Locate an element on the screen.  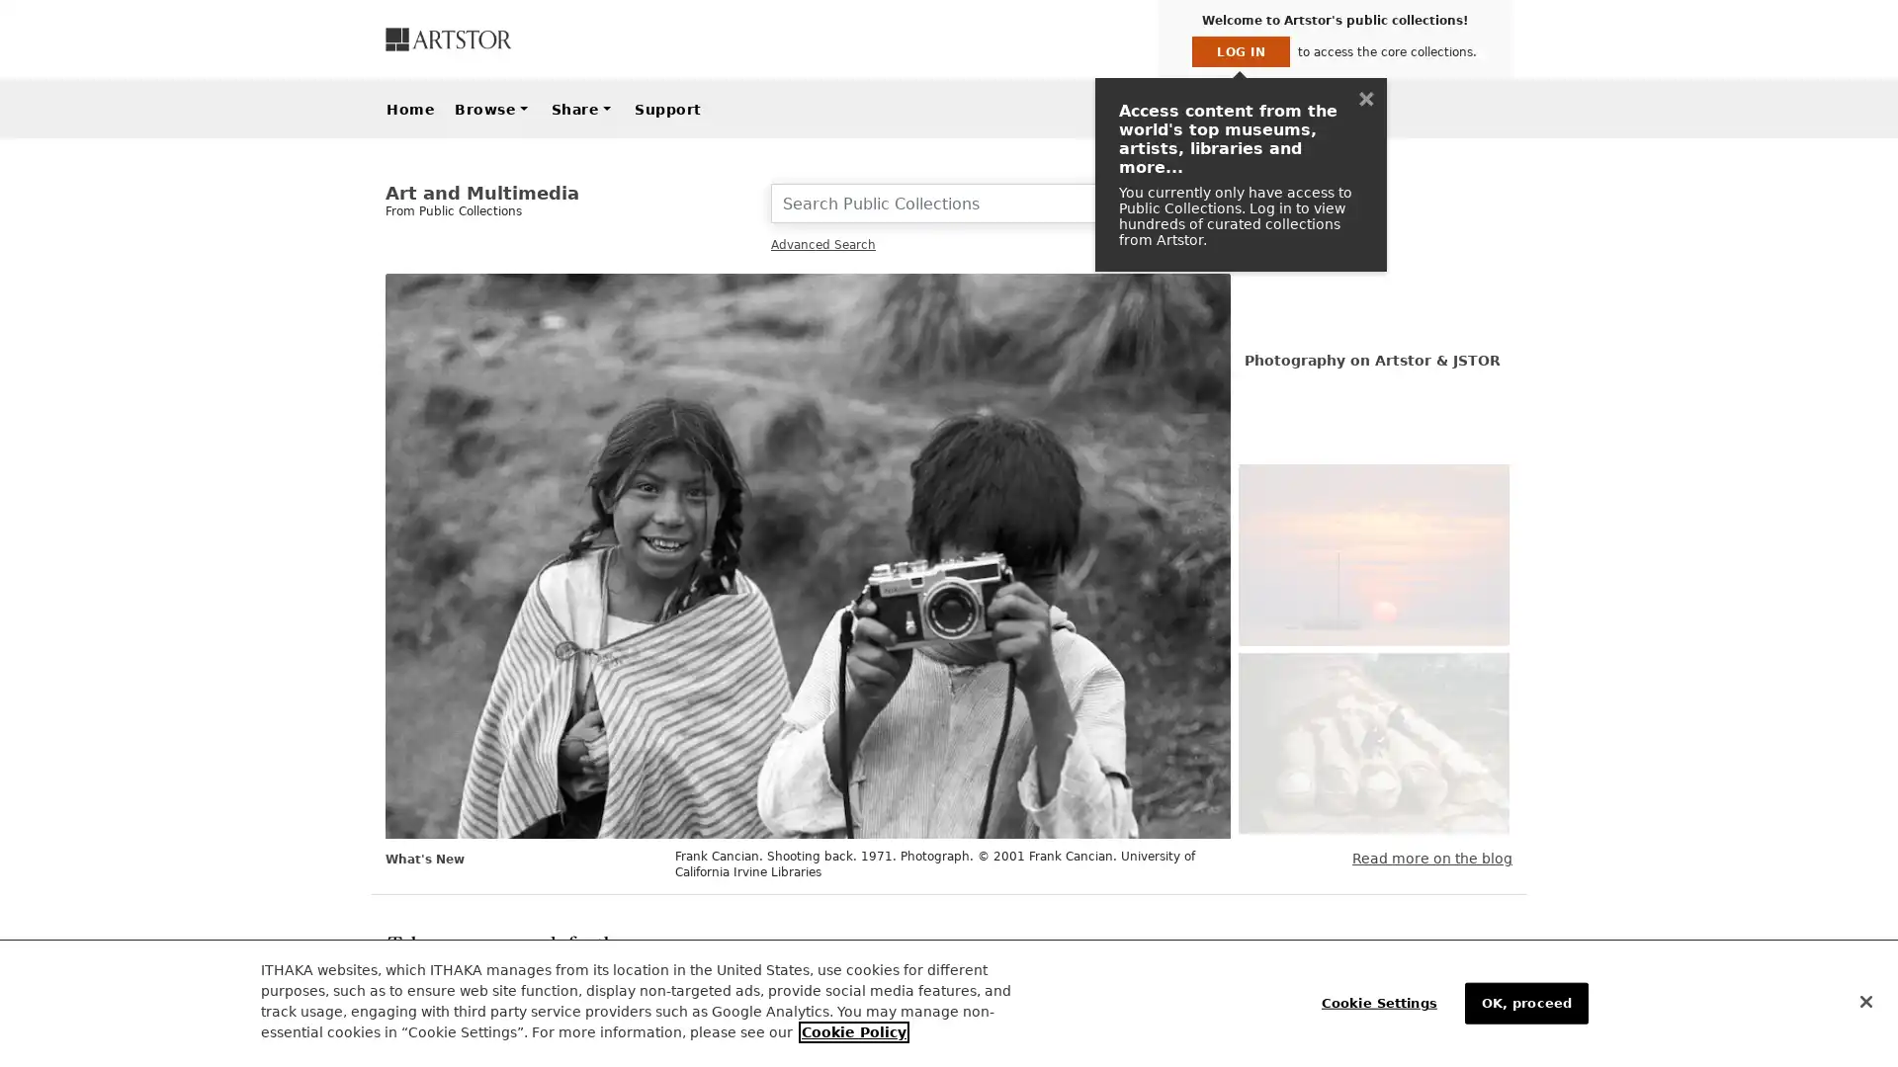
Close Tooltip is located at coordinates (1365, 99).